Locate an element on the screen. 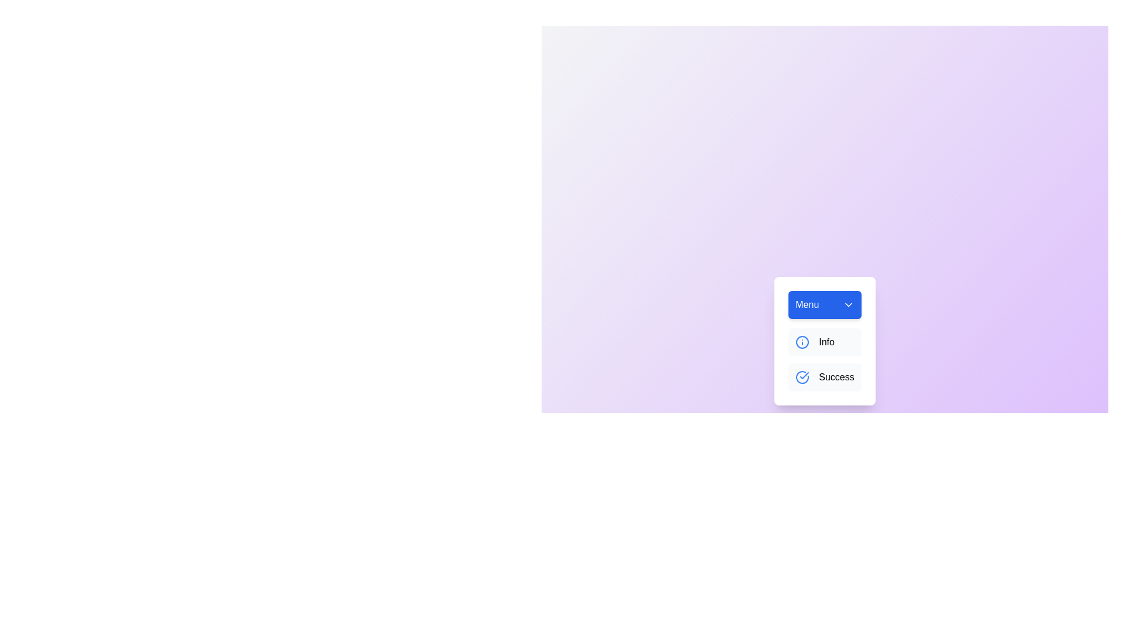 The height and width of the screenshot is (631, 1123). the 'Success' menu item to preview the information is located at coordinates (824, 377).